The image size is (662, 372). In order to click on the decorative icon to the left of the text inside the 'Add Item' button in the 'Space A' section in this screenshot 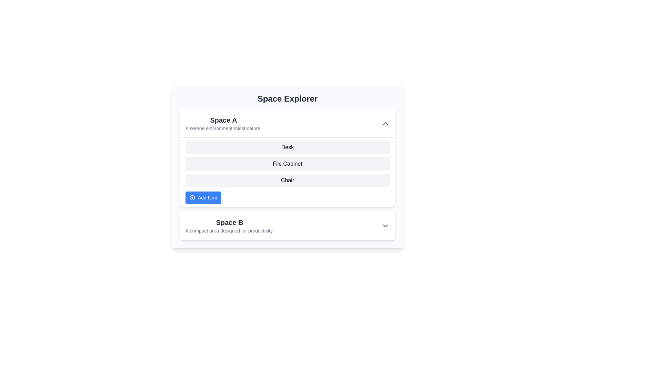, I will do `click(192, 198)`.